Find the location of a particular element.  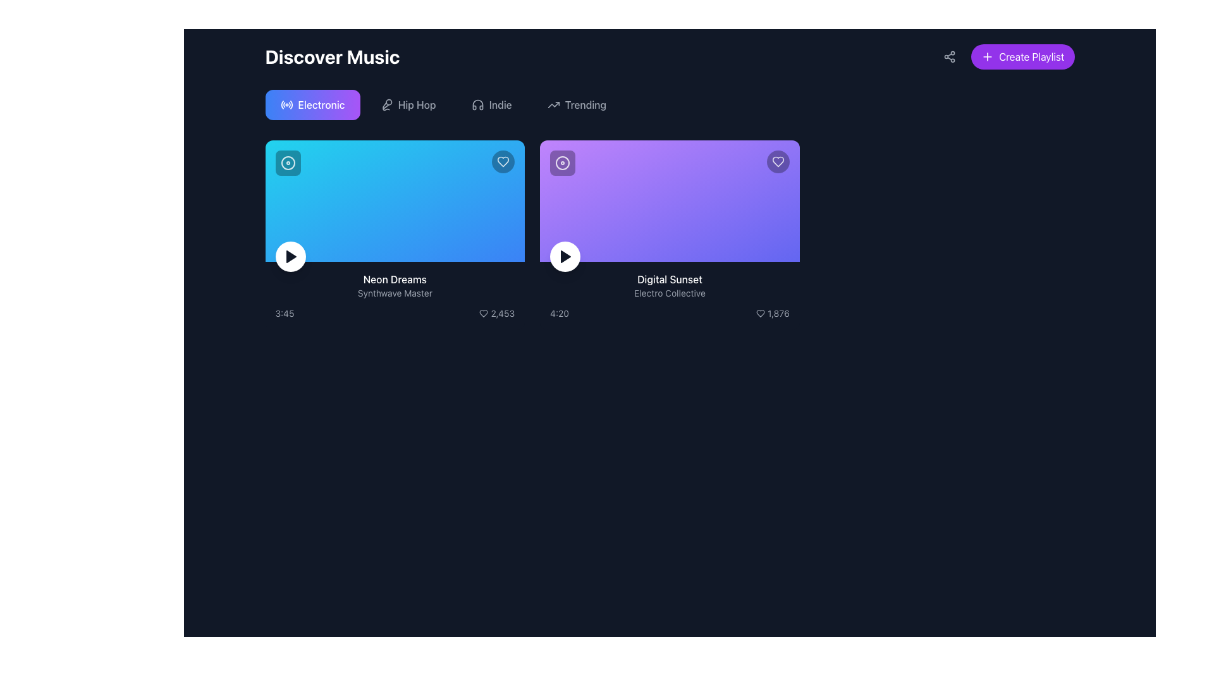

the 'Create New Playlist' button located in the header section, aligned to the far right next to the share icon is located at coordinates (1005, 56).